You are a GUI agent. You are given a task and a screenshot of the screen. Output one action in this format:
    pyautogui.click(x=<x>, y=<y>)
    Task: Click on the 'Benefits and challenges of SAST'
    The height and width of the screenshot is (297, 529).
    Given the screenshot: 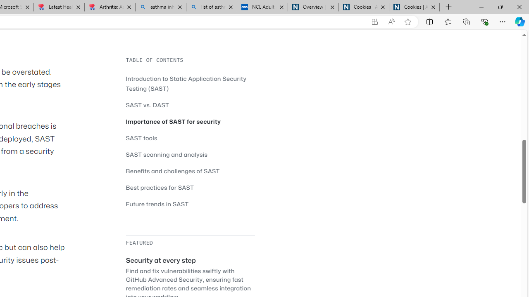 What is the action you would take?
    pyautogui.click(x=172, y=170)
    